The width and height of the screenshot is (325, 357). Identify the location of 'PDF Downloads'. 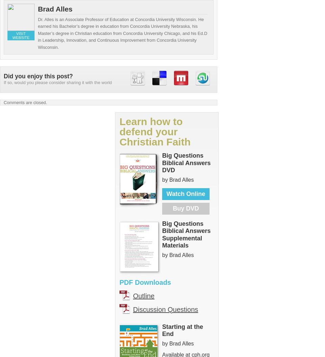
(145, 281).